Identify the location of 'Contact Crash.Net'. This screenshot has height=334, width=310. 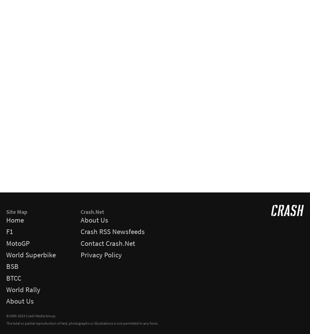
(108, 243).